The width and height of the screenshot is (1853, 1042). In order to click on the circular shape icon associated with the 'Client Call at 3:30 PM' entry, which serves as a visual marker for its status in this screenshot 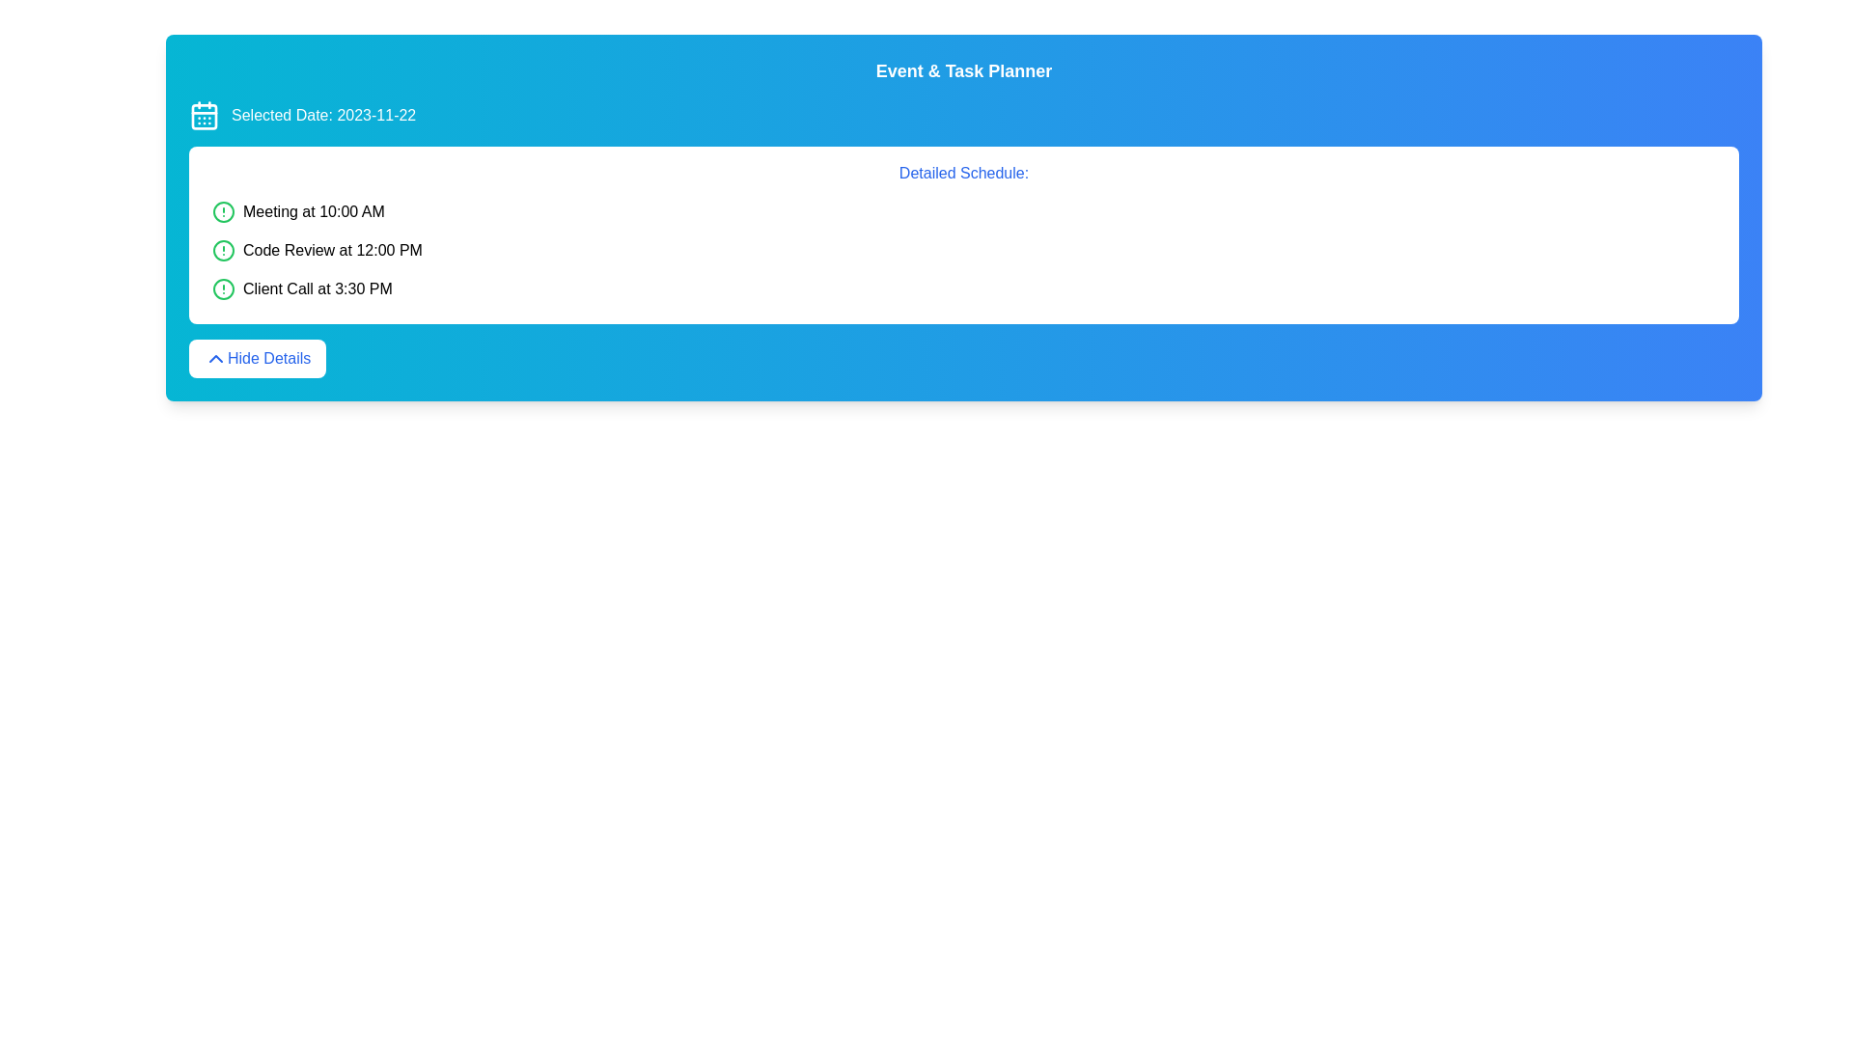, I will do `click(223, 289)`.